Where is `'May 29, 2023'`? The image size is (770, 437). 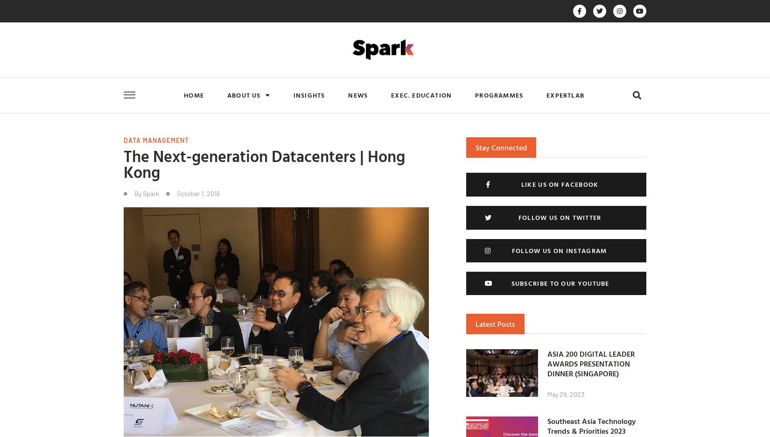 'May 29, 2023' is located at coordinates (566, 394).